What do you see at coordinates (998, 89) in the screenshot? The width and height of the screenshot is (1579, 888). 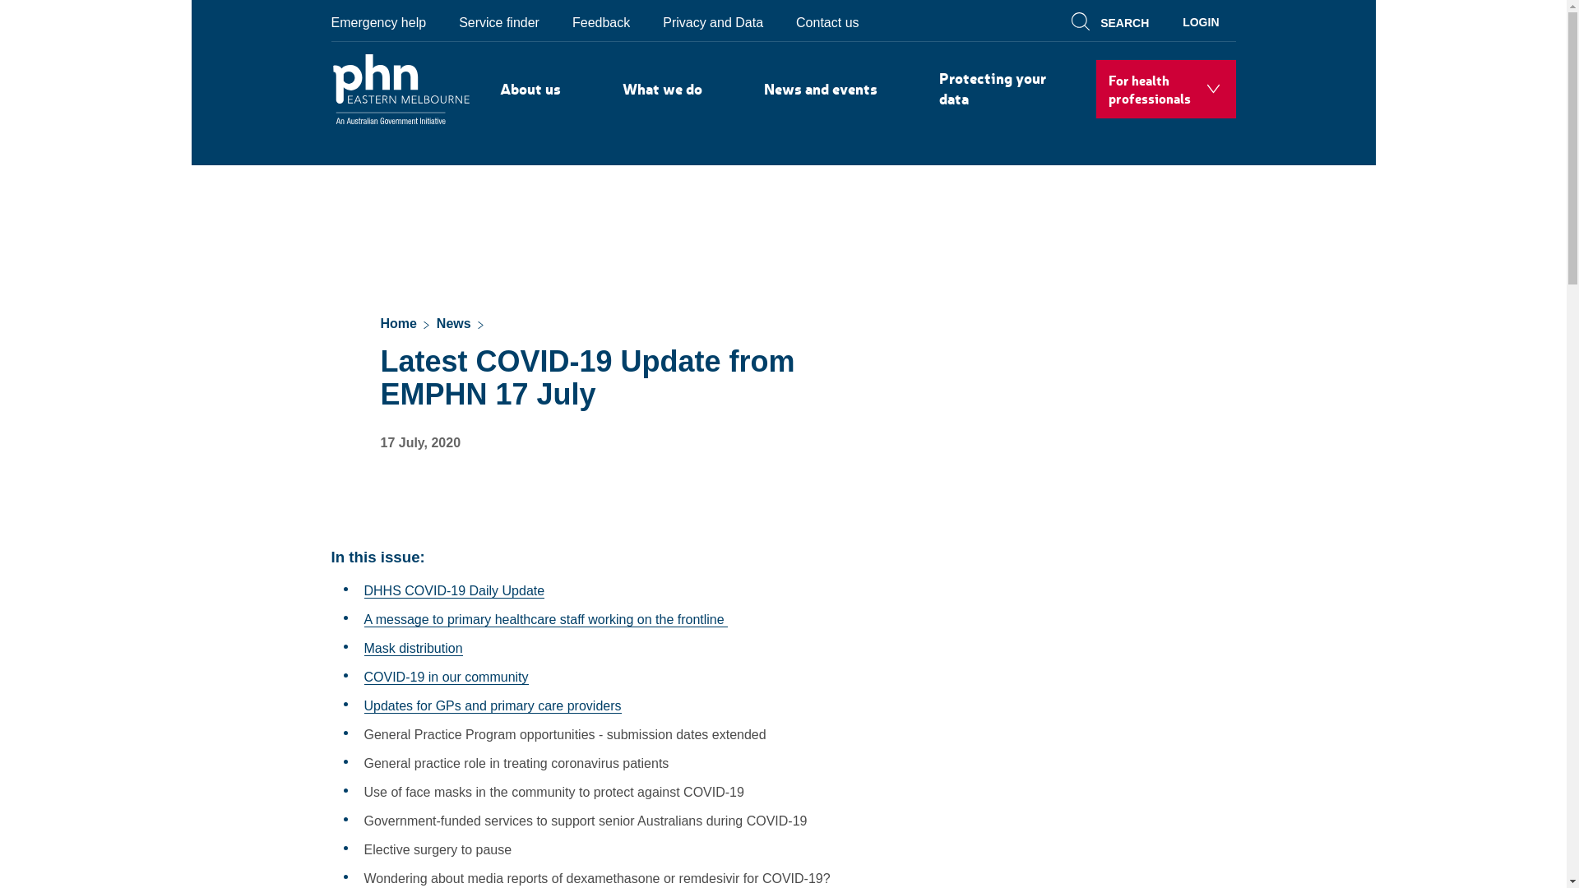 I see `'Protecting your data'` at bounding box center [998, 89].